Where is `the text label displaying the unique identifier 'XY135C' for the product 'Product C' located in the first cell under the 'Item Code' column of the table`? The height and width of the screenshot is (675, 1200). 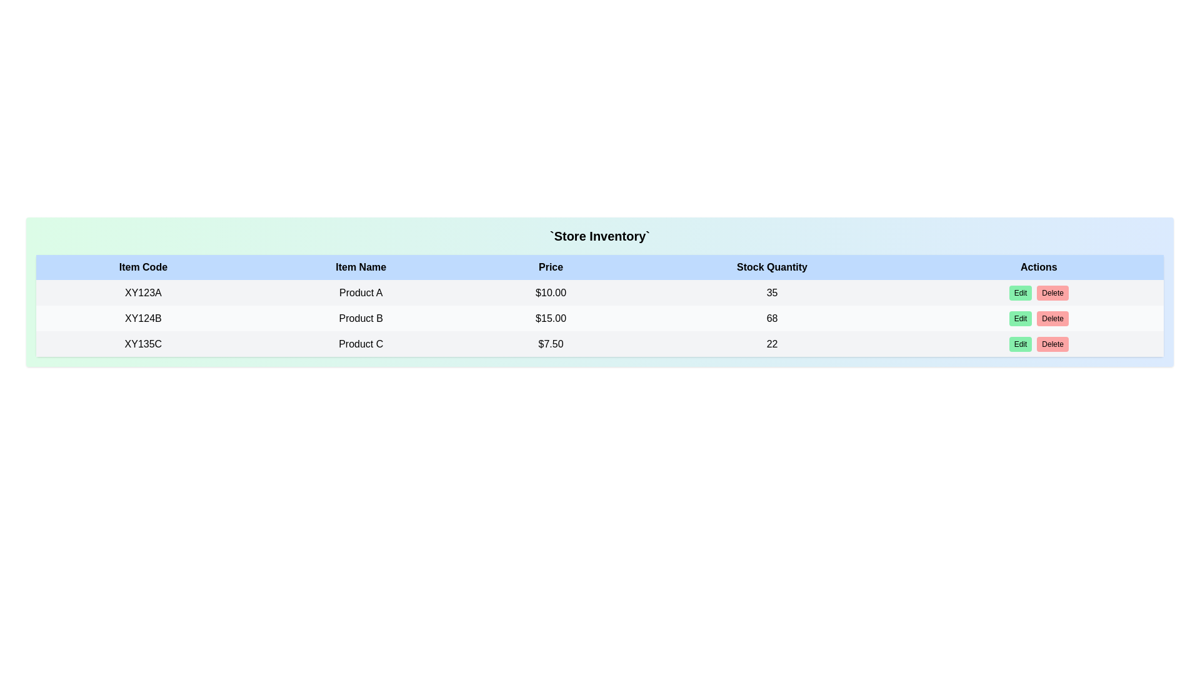
the text label displaying the unique identifier 'XY135C' for the product 'Product C' located in the first cell under the 'Item Code' column of the table is located at coordinates (143, 344).